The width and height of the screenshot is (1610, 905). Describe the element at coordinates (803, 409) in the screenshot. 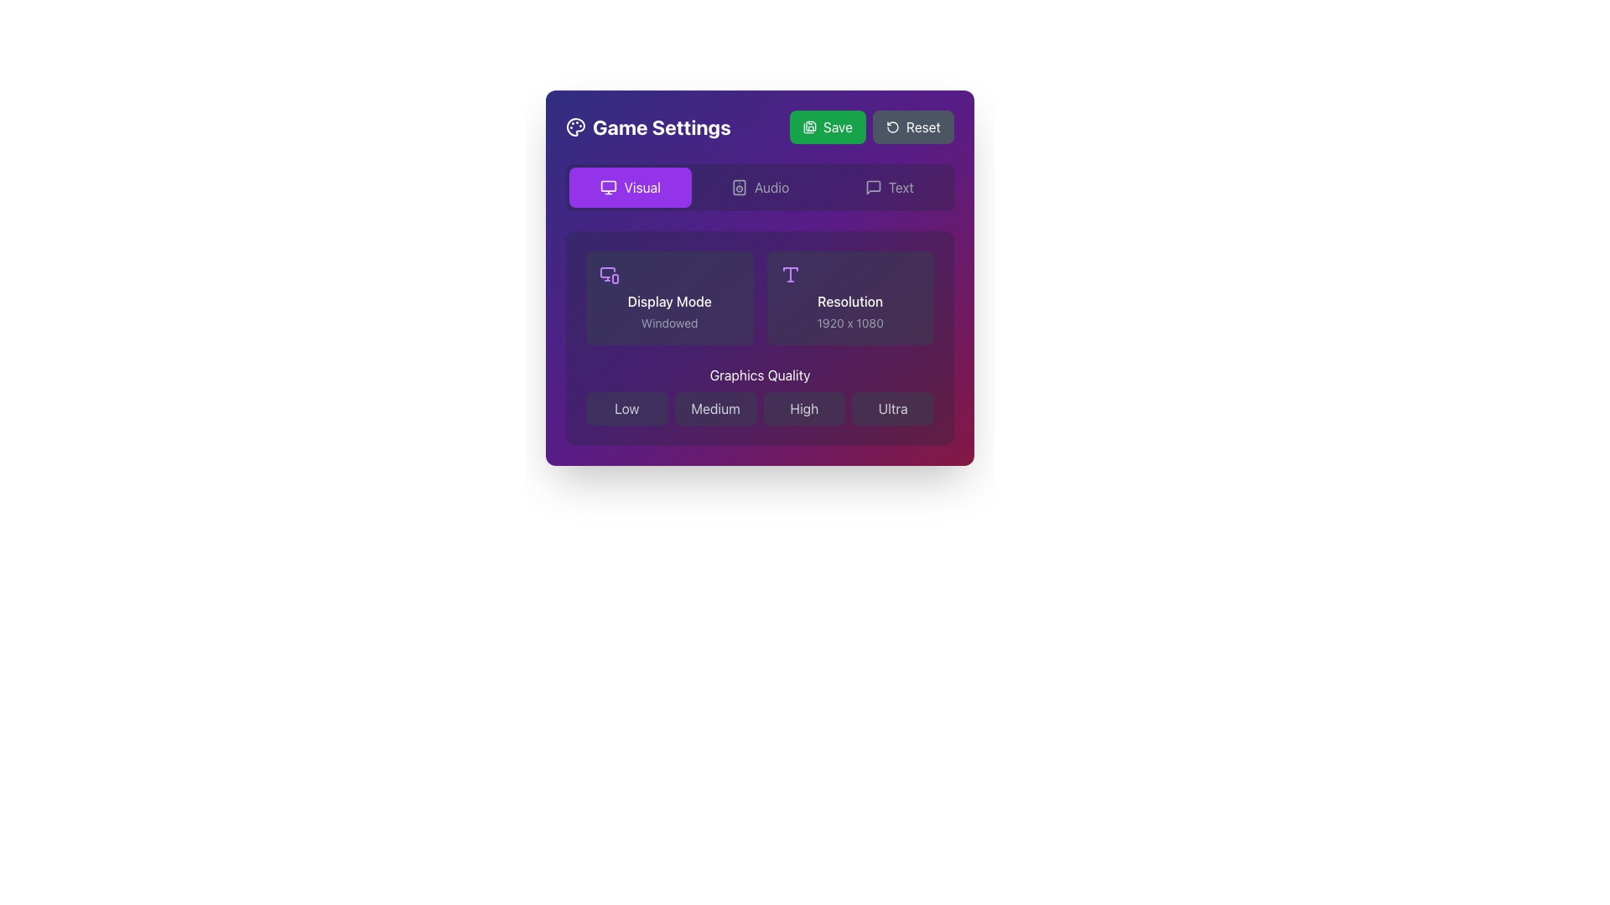

I see `the 'High' graphics quality button in the 'Graphics Quality' section` at that location.